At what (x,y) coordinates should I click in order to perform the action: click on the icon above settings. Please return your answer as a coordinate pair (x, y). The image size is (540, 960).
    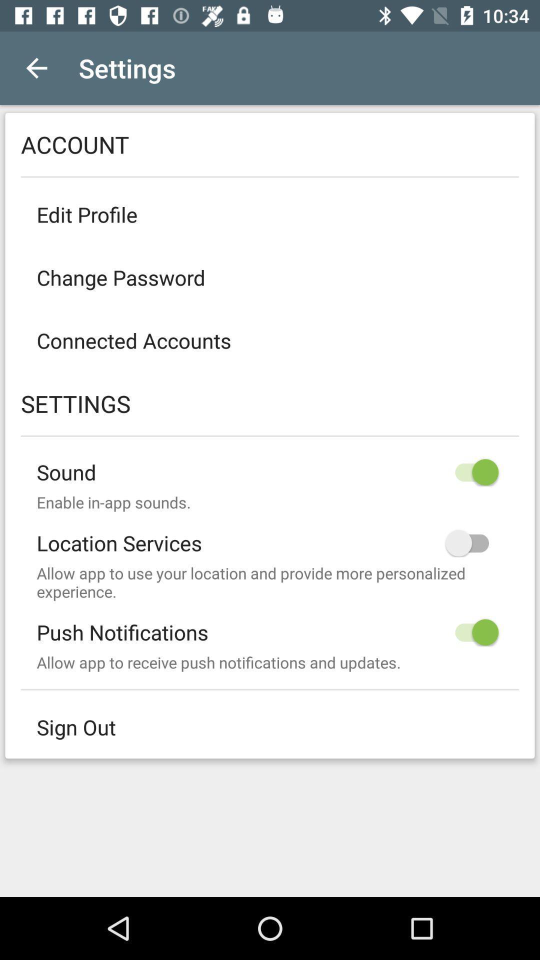
    Looking at the image, I should click on (270, 340).